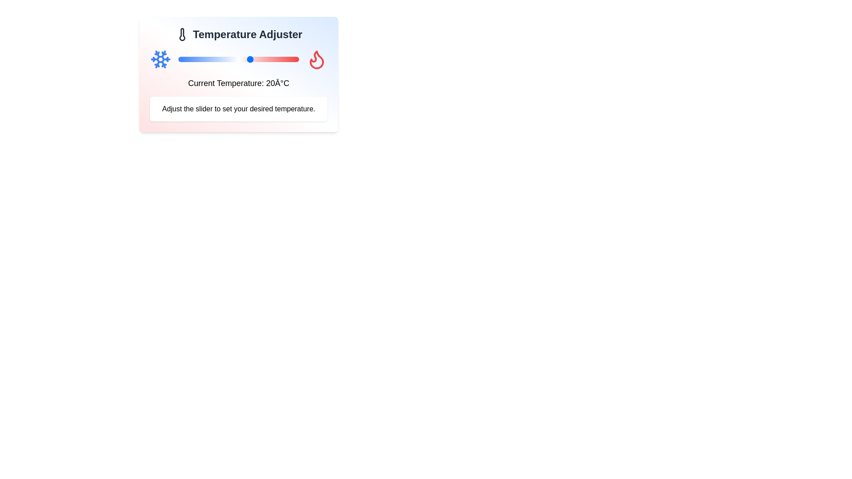 The image size is (852, 479). What do you see at coordinates (200, 59) in the screenshot?
I see `the slider to set the temperature to -1°C` at bounding box center [200, 59].